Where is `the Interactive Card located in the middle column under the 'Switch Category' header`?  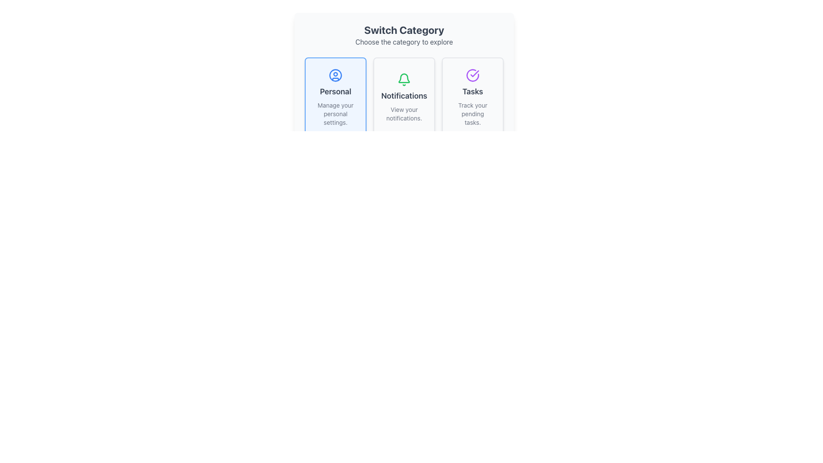
the Interactive Card located in the middle column under the 'Switch Category' header is located at coordinates (403, 97).